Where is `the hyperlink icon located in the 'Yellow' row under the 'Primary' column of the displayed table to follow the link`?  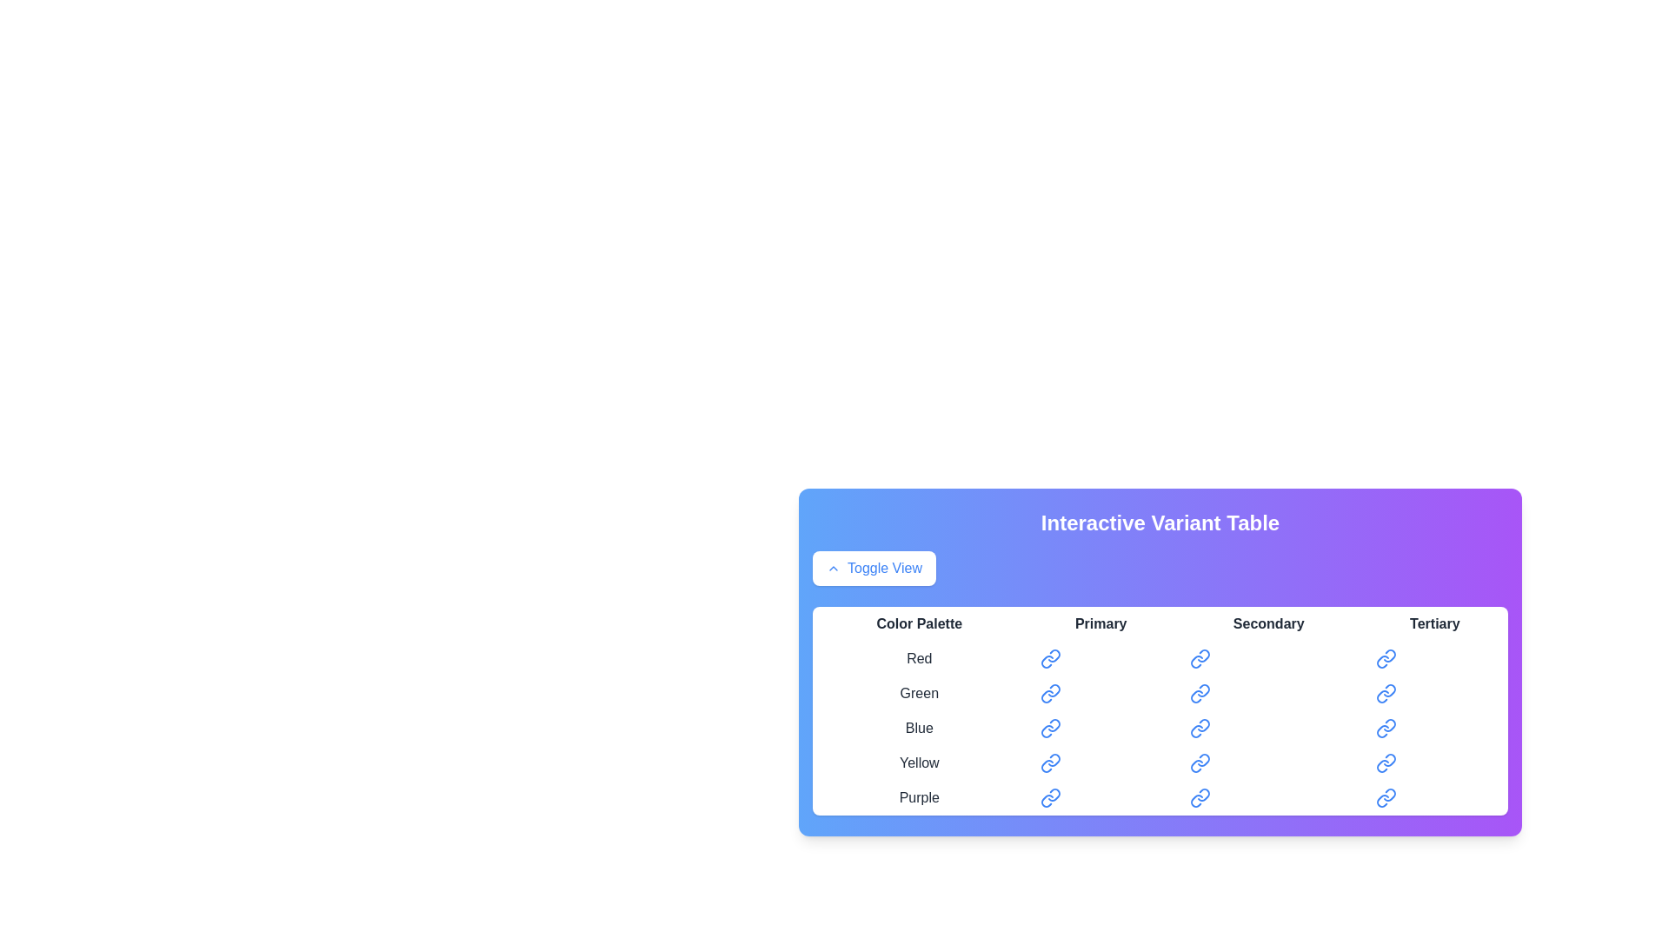
the hyperlink icon located in the 'Yellow' row under the 'Primary' column of the displayed table to follow the link is located at coordinates (1046, 765).